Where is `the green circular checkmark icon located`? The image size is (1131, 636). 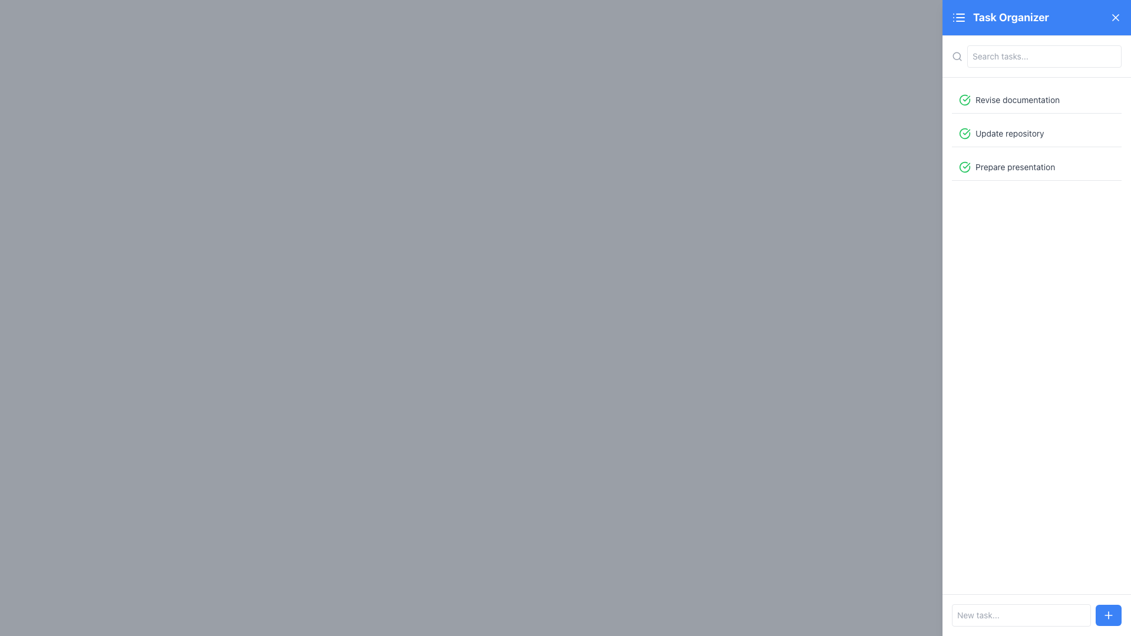 the green circular checkmark icon located is located at coordinates (964, 99).